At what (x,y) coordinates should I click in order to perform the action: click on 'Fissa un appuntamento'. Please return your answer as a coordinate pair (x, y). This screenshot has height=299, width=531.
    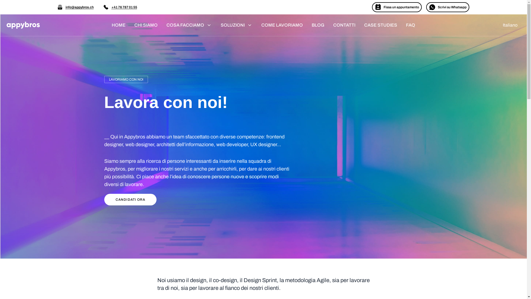
    Looking at the image, I should click on (396, 7).